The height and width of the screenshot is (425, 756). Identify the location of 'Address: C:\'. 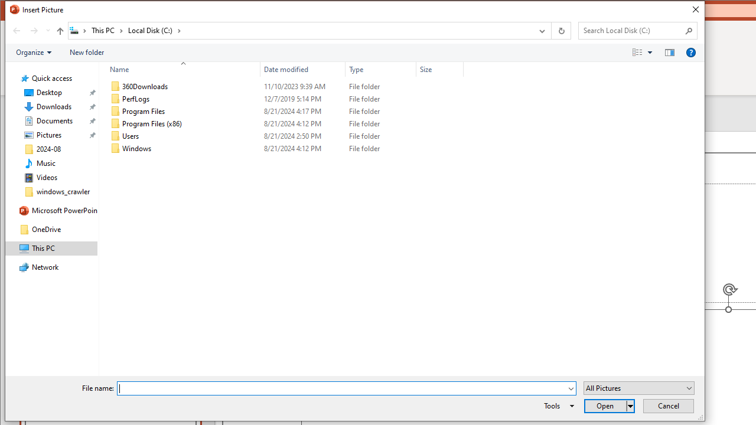
(300, 30).